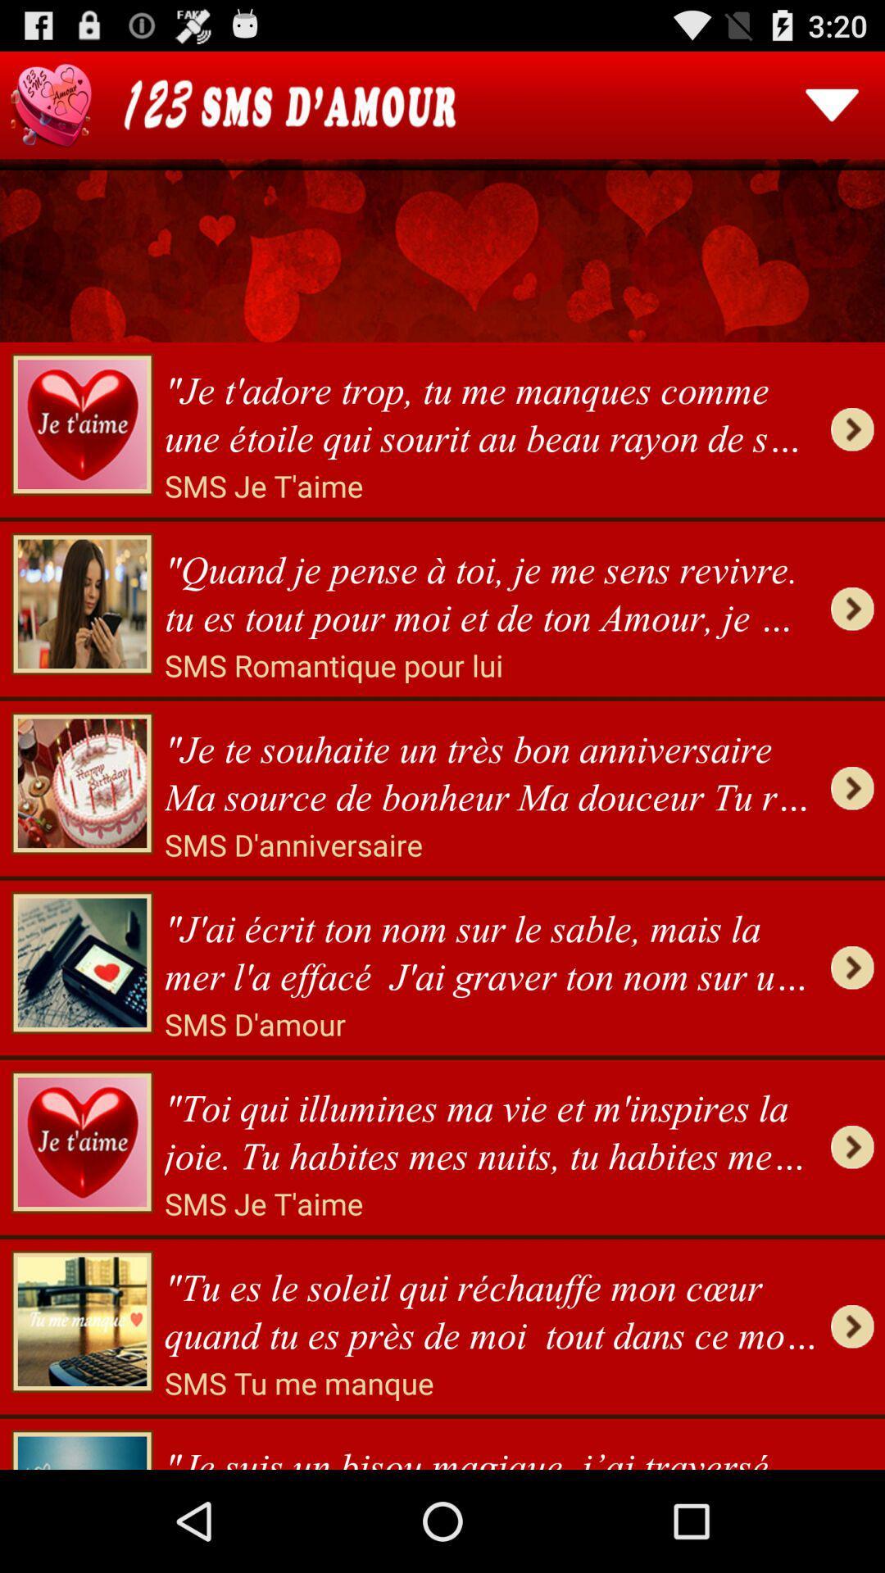 The width and height of the screenshot is (885, 1573). Describe the element at coordinates (333, 665) in the screenshot. I see `the sms romantique pour icon` at that location.